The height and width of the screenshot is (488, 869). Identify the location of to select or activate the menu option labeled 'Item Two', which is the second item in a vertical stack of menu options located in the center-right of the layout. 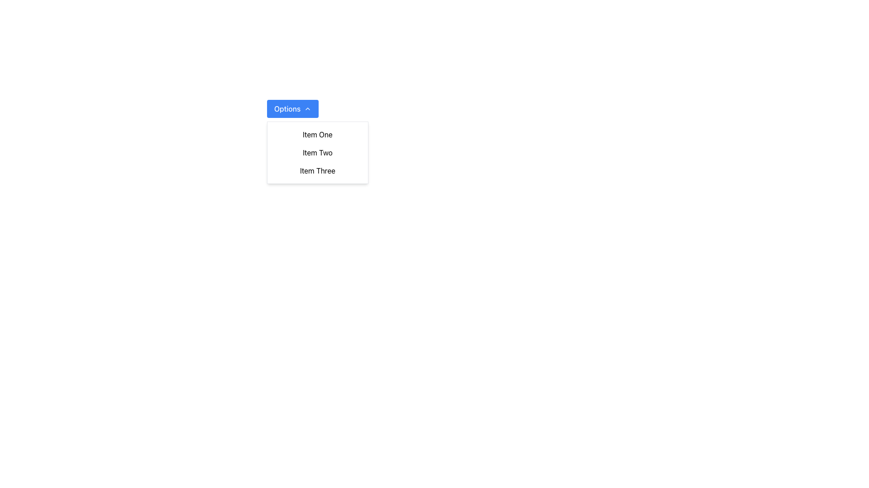
(317, 152).